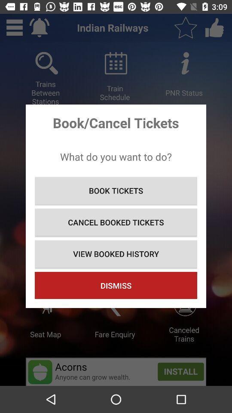  Describe the element at coordinates (116, 254) in the screenshot. I see `view booked history icon` at that location.